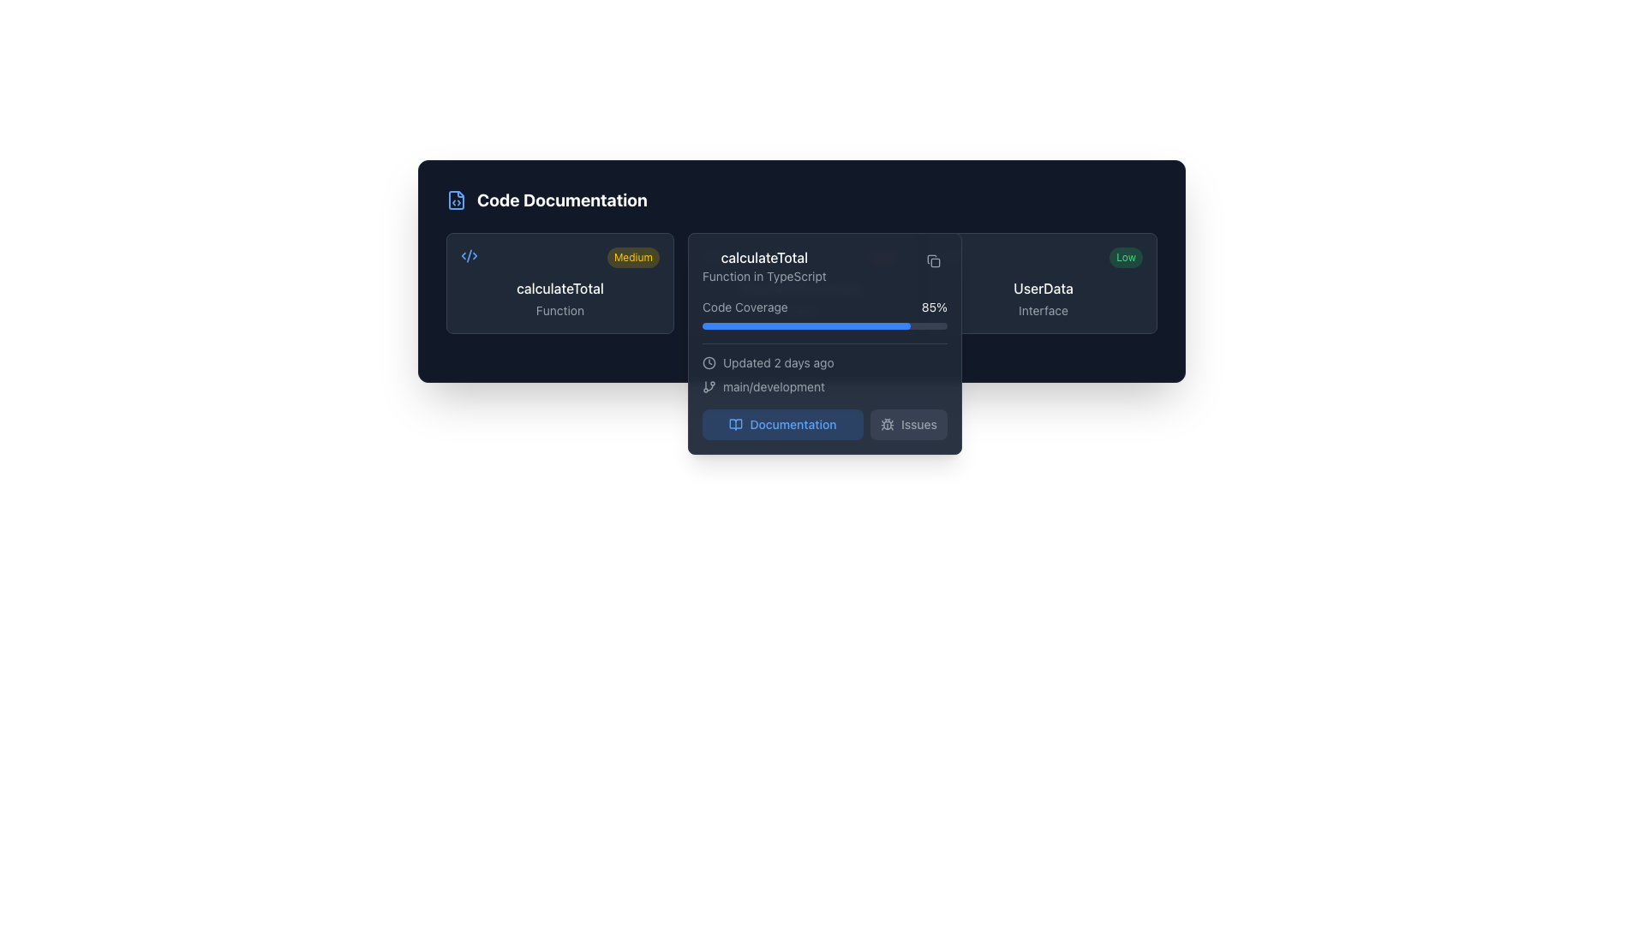  What do you see at coordinates (709, 362) in the screenshot?
I see `the clock icon located at the left end of the text 'Updated 2 days ago' on the card for 'calculateTotal' to gather contextual information` at bounding box center [709, 362].